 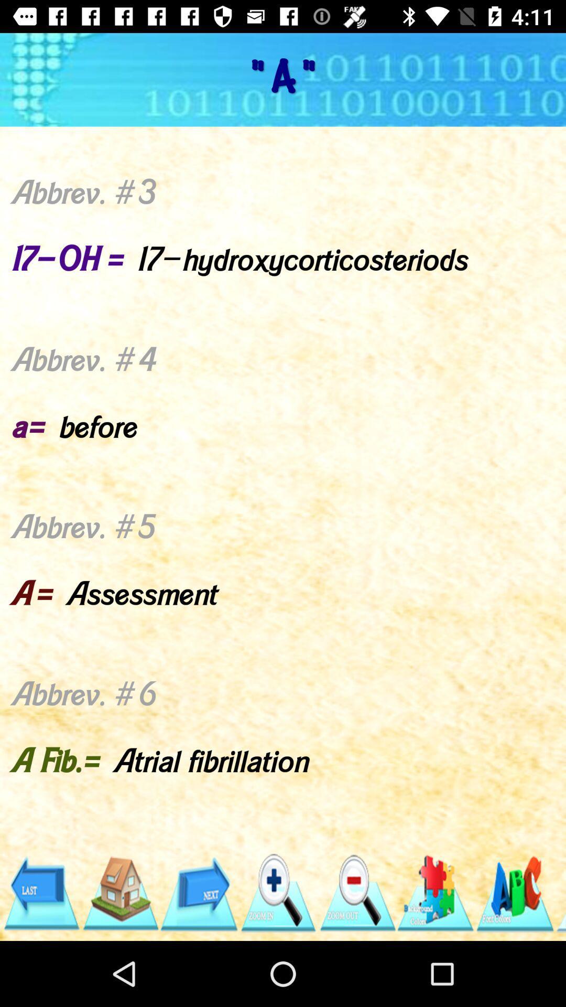 I want to click on go back, so click(x=40, y=893).